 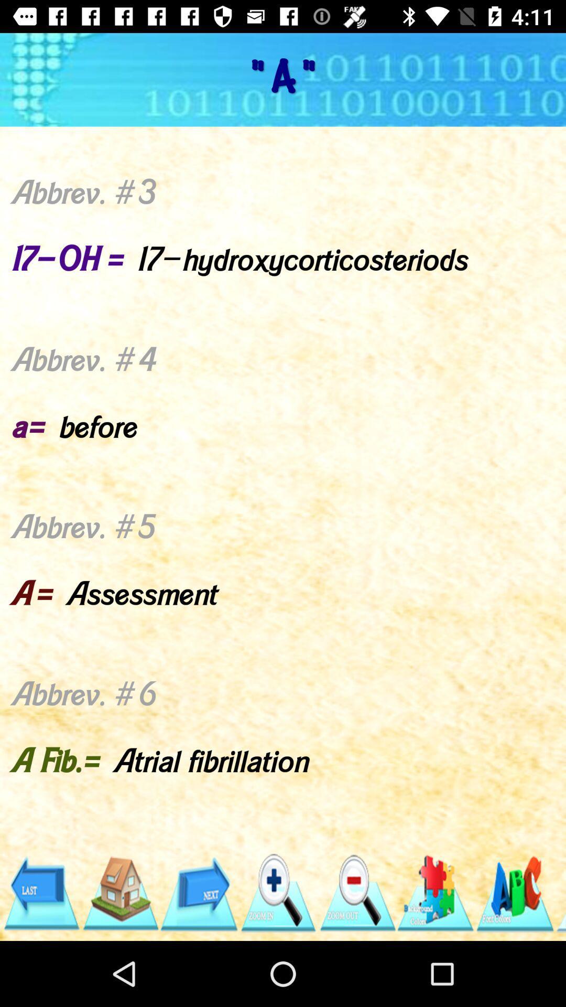 I want to click on go back, so click(x=40, y=893).